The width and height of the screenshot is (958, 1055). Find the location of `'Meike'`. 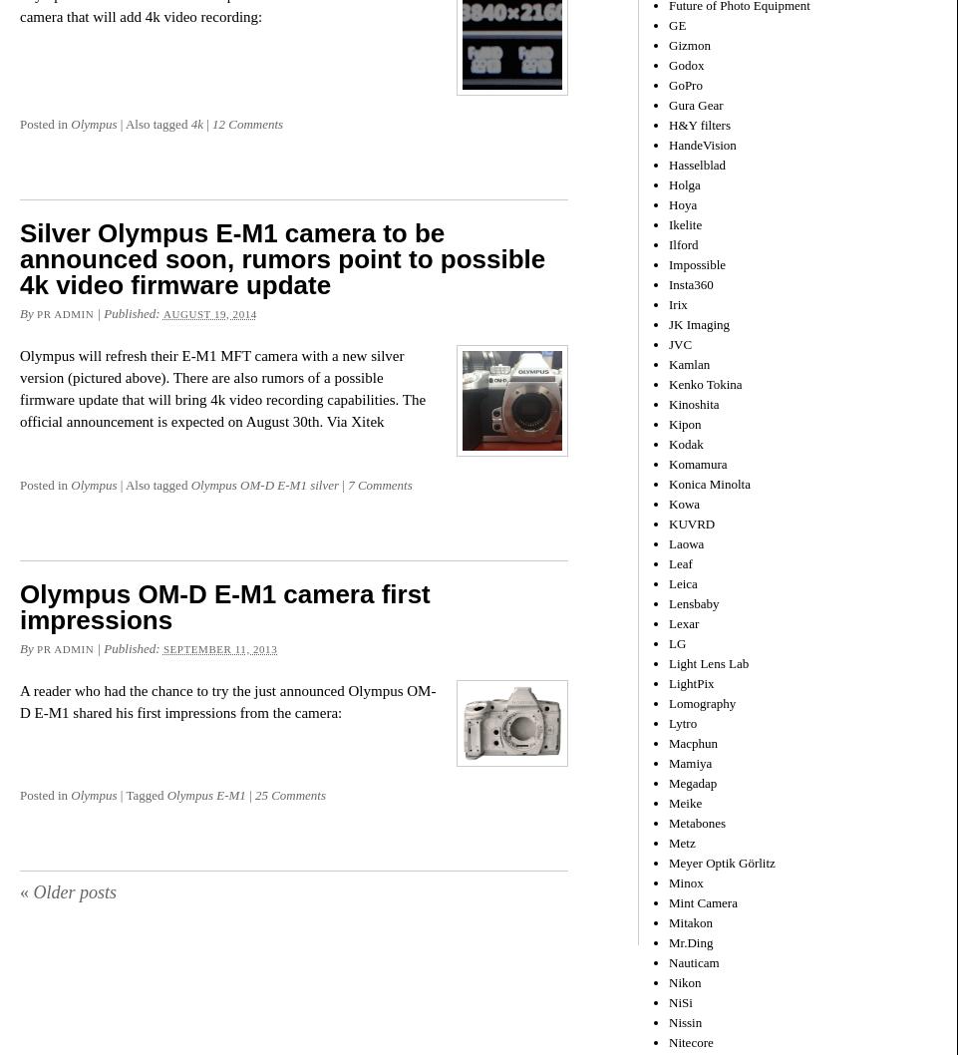

'Meike' is located at coordinates (684, 801).